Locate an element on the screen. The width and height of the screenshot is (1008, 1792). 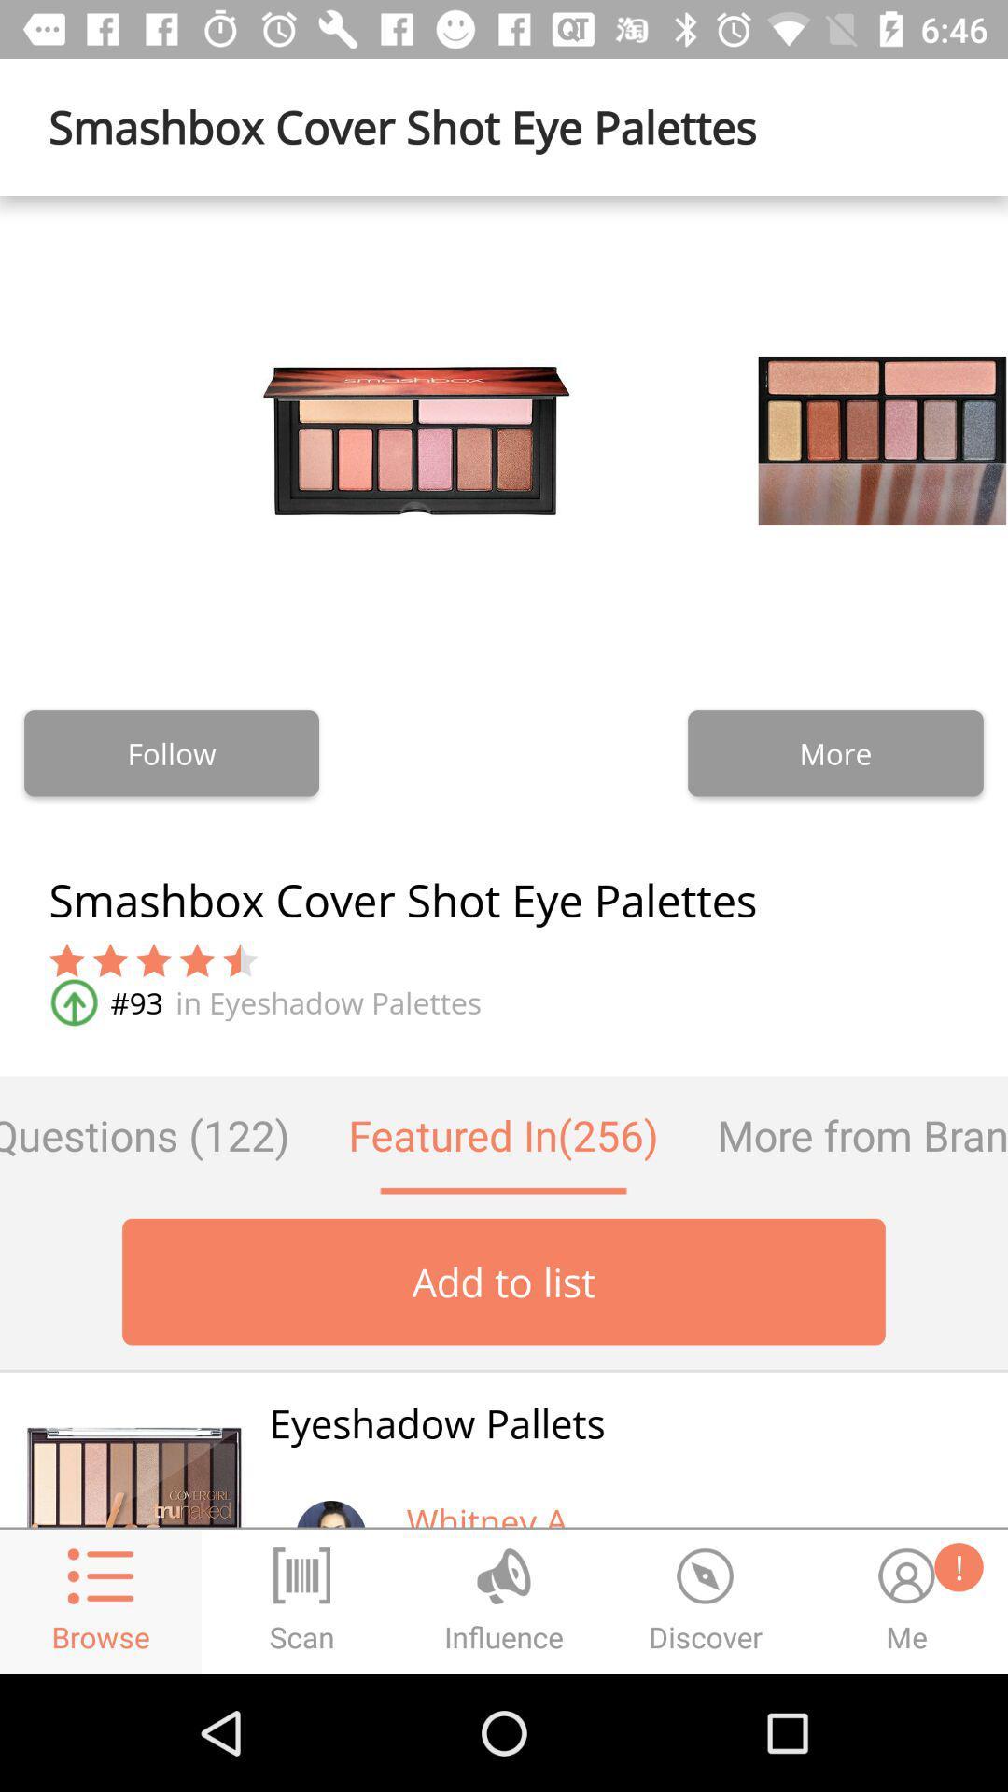
item to the right of the featured in(256) icon is located at coordinates (847, 1134).